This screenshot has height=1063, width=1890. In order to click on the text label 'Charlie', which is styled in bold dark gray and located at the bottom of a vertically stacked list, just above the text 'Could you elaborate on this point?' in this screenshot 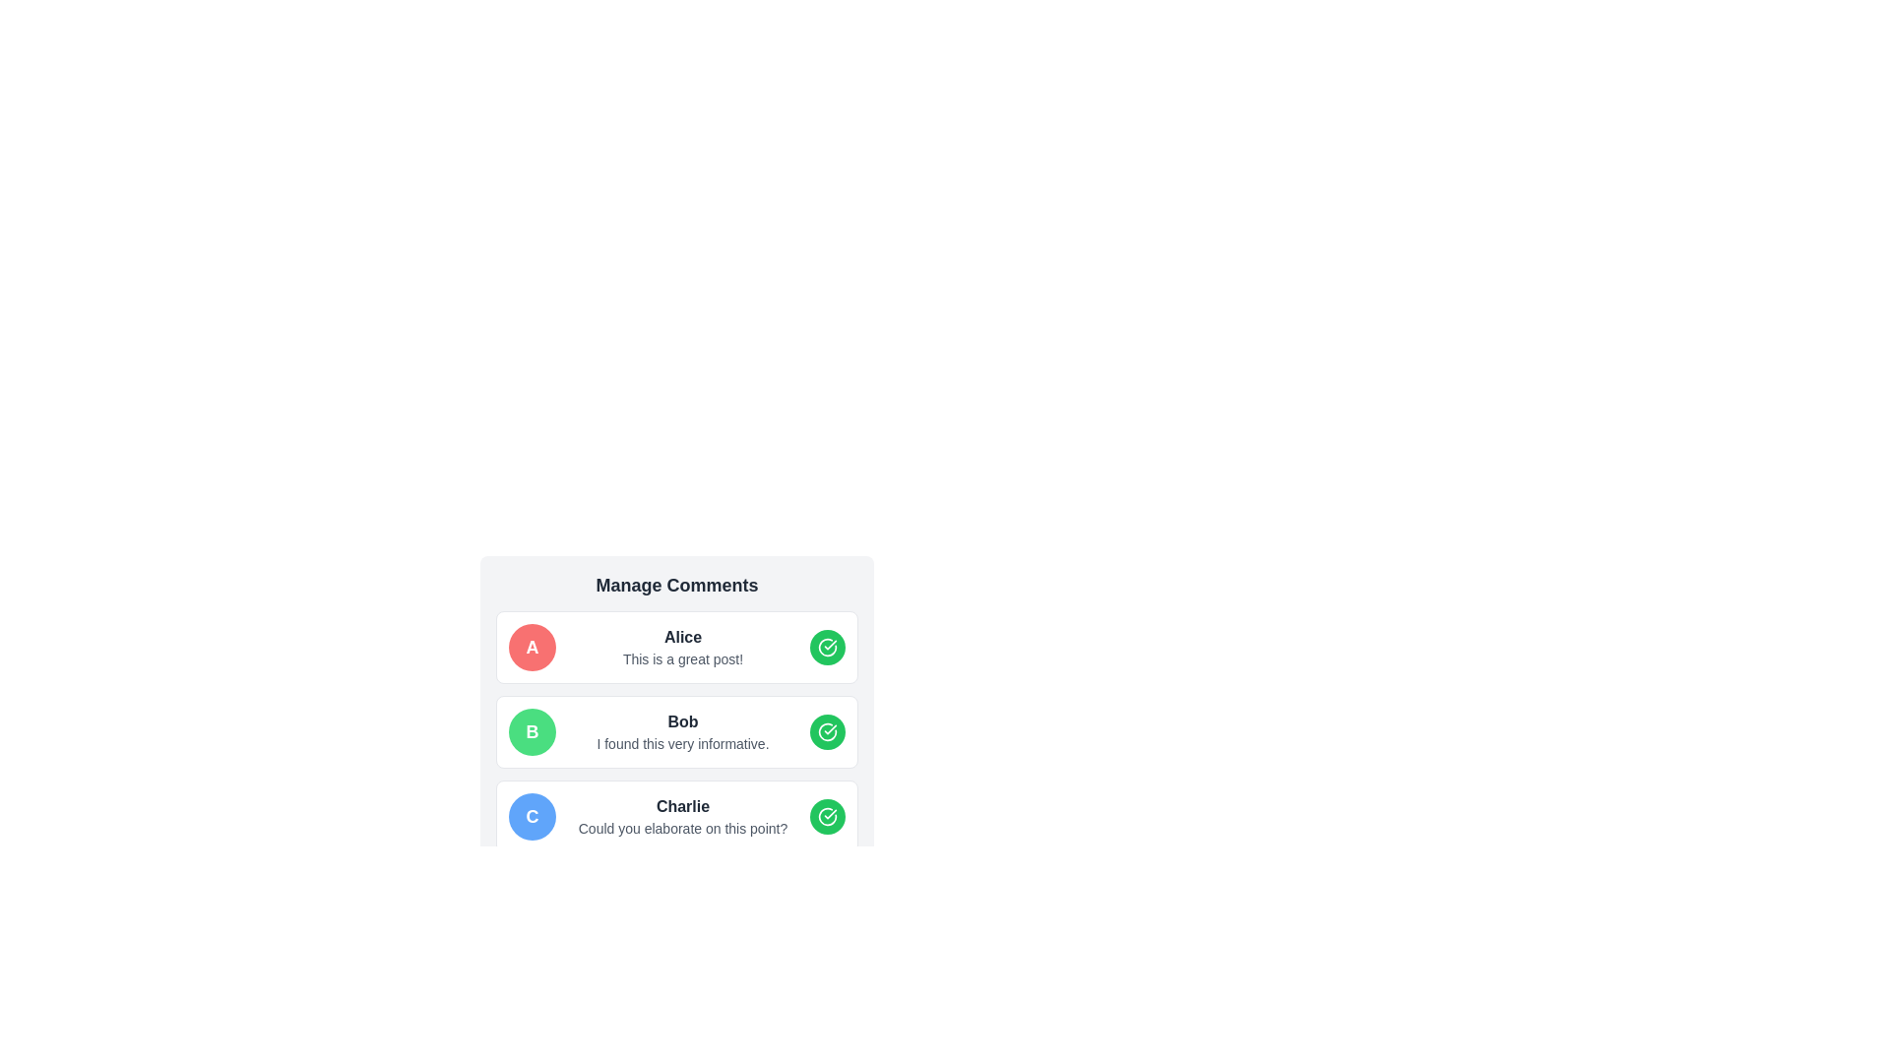, I will do `click(683, 807)`.